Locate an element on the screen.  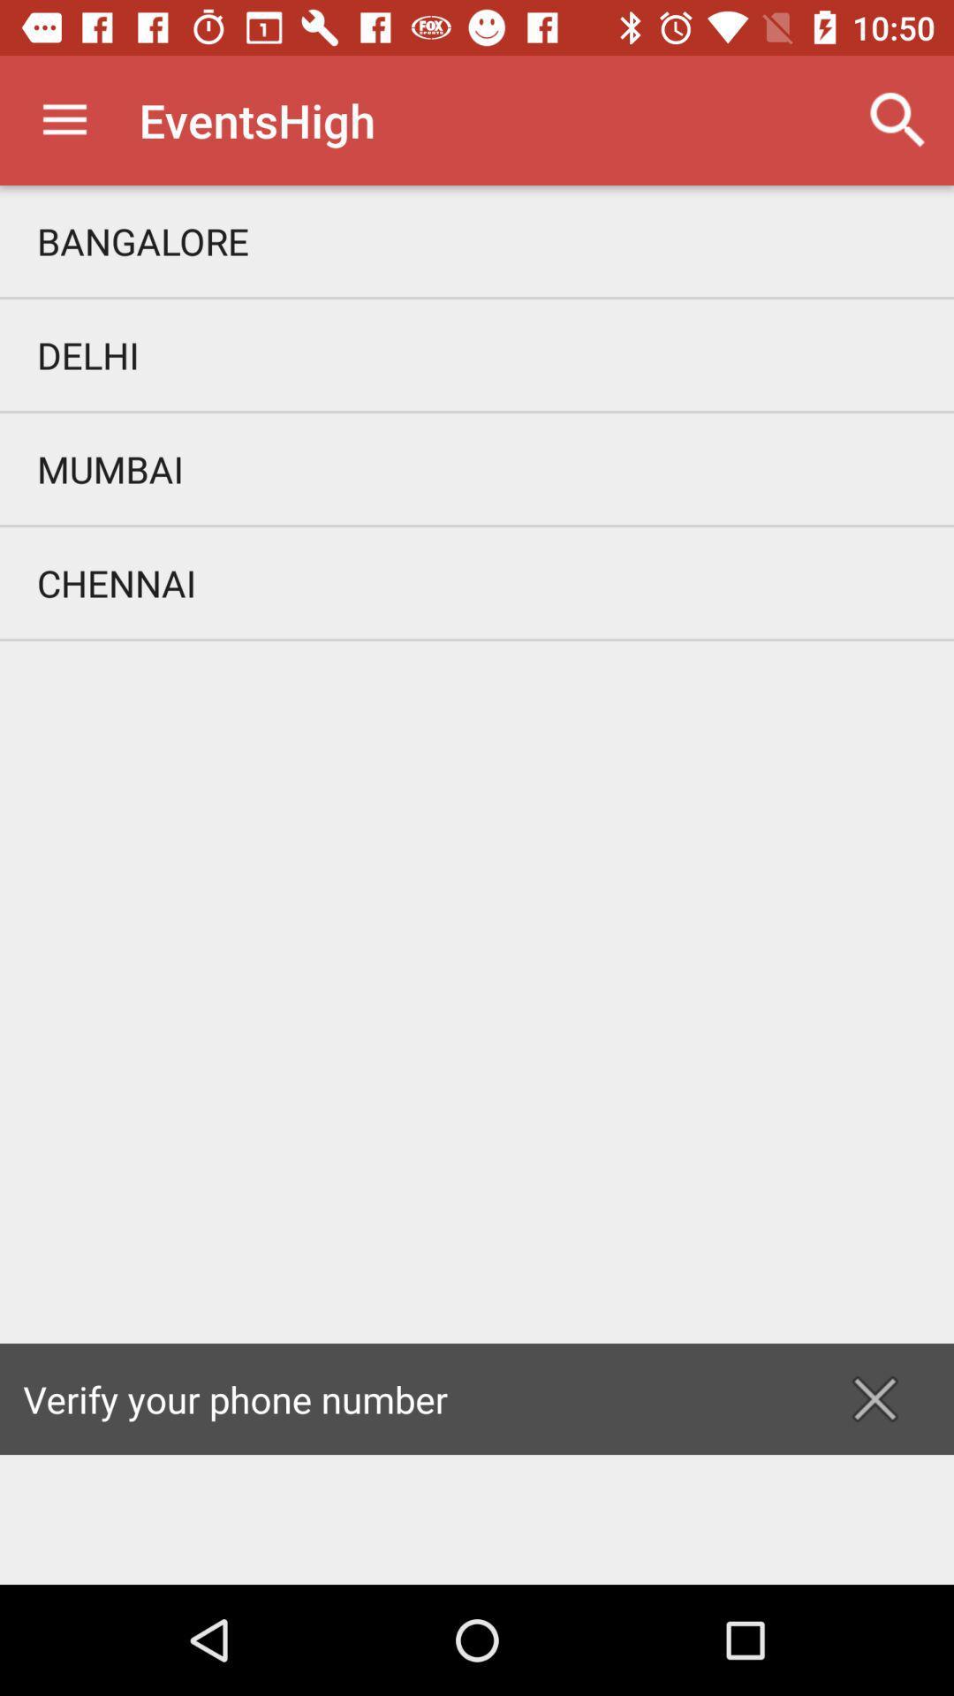
mumbai icon is located at coordinates (477, 469).